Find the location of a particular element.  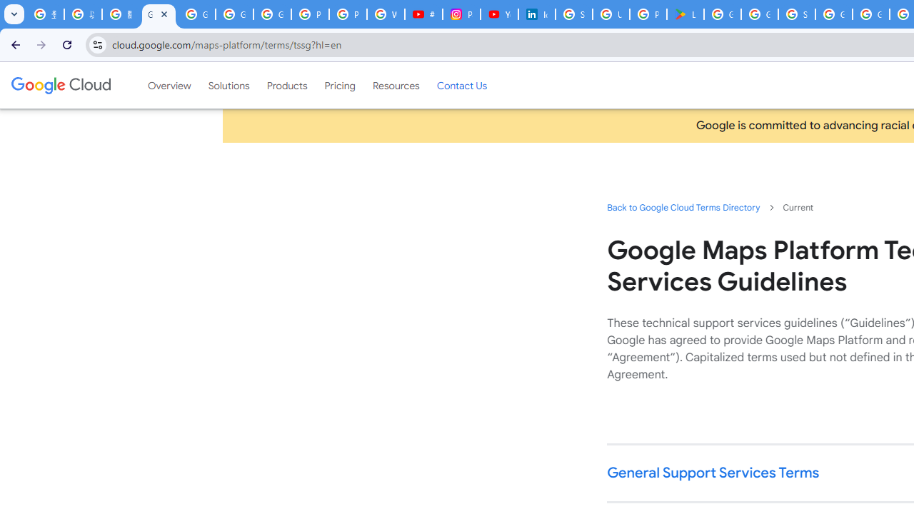

'Products' is located at coordinates (286, 85).